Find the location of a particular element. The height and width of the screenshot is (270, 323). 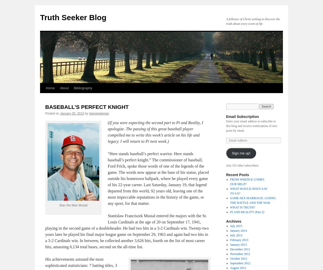

'PI AND REALITY (Part 2)' is located at coordinates (230, 212).